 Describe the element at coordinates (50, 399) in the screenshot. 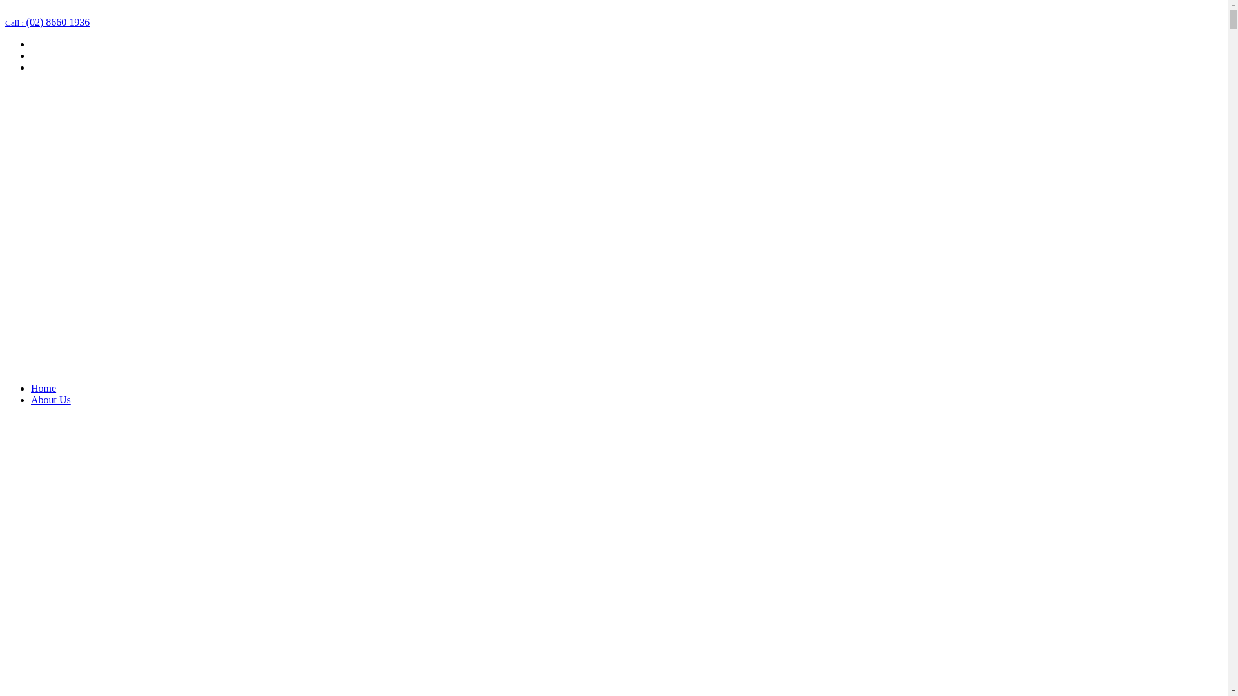

I see `'About Us'` at that location.